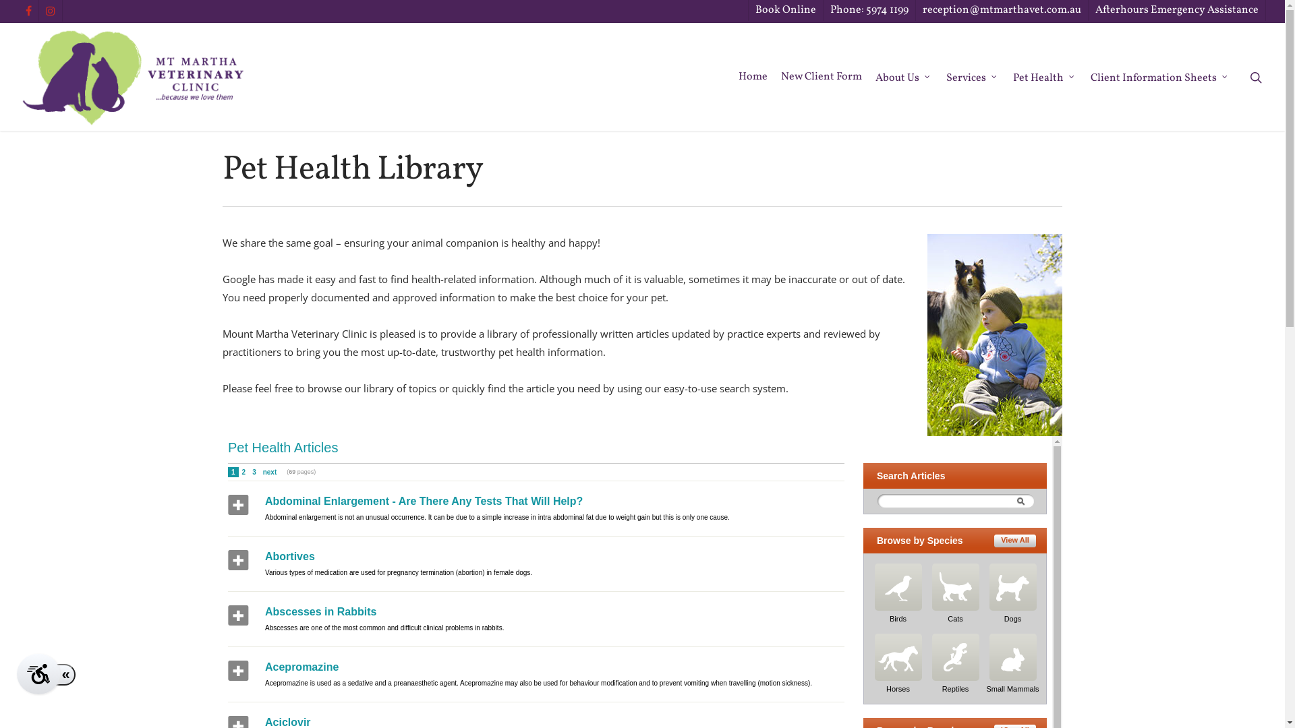  What do you see at coordinates (869, 10) in the screenshot?
I see `'Phone: 5974 1199'` at bounding box center [869, 10].